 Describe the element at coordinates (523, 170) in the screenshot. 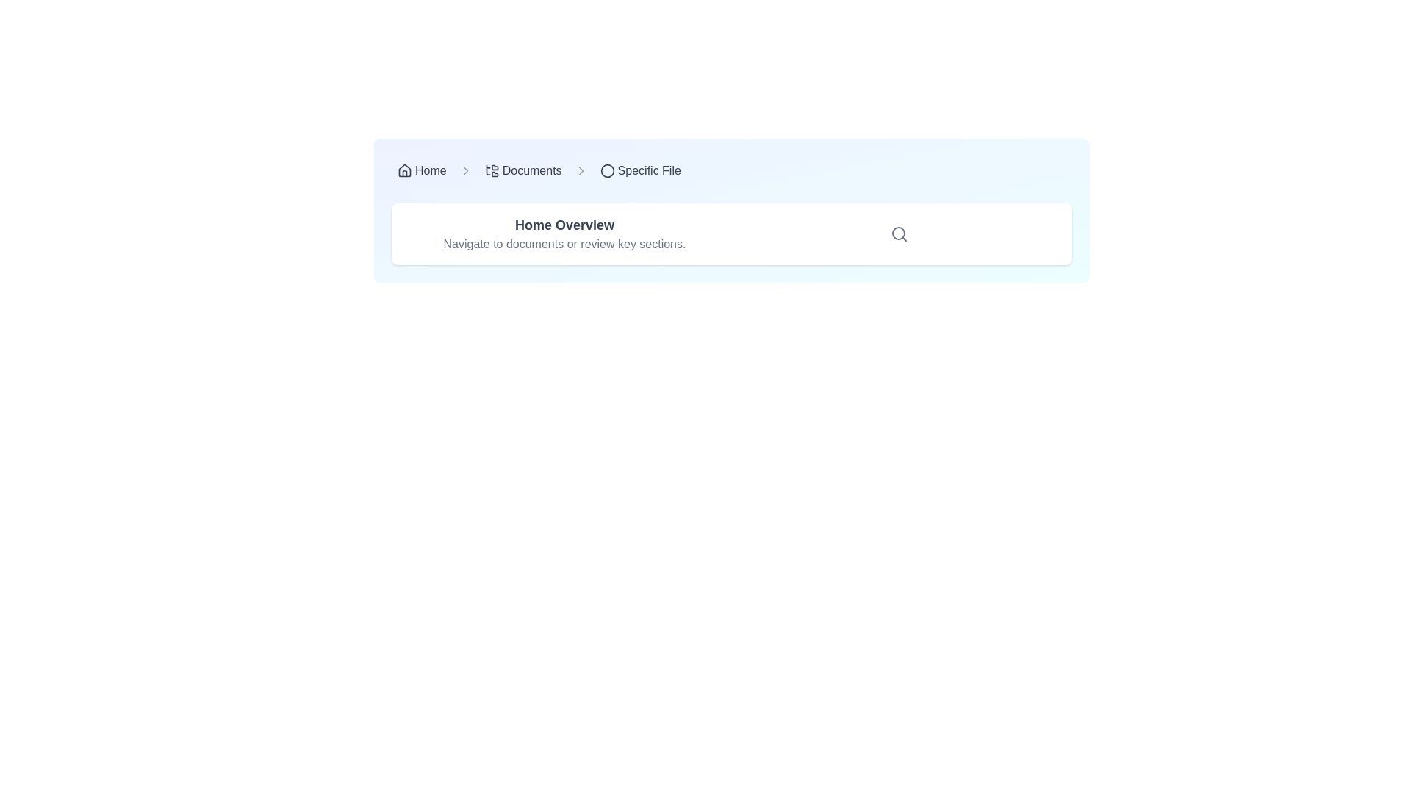

I see `the 'Documents' clickable navigation link in the breadcrumb trail` at that location.